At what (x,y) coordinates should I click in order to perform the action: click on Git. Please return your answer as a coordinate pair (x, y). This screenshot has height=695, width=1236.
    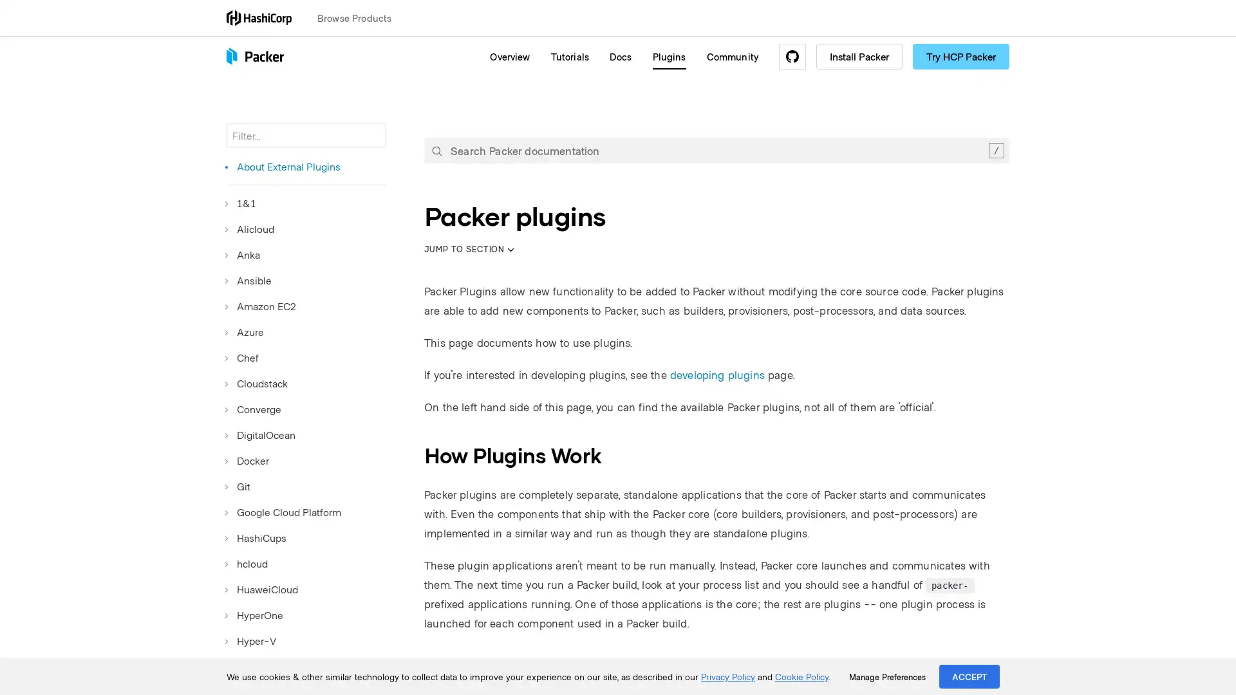
    Looking at the image, I should click on (238, 486).